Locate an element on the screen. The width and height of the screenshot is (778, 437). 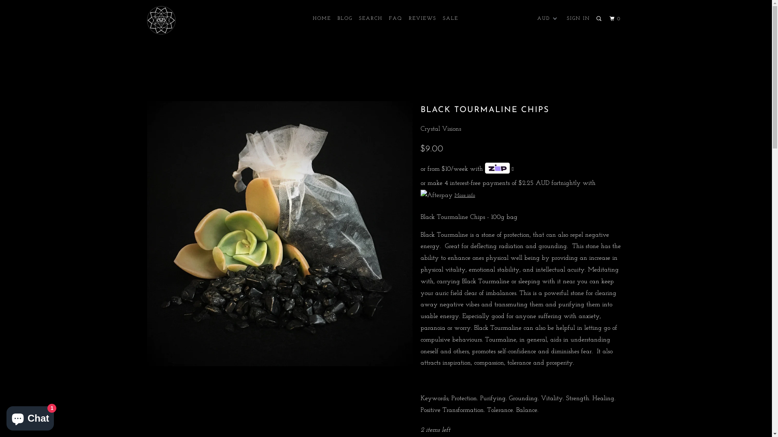
'More info' is located at coordinates (447, 195).